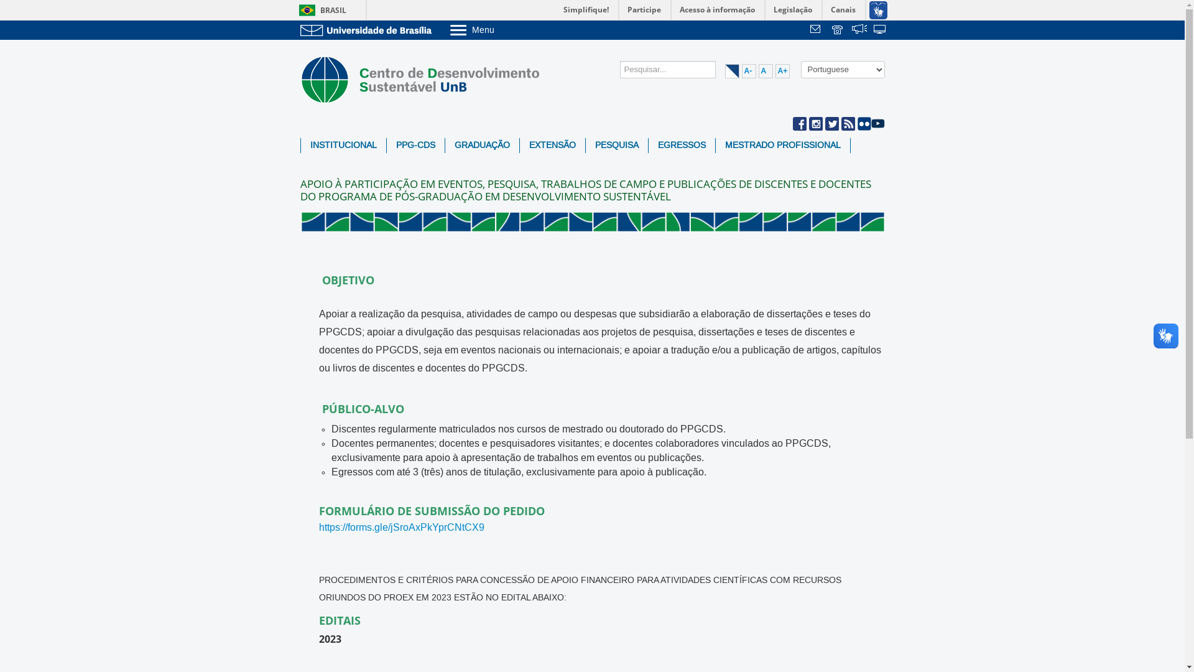  What do you see at coordinates (367, 29) in the screenshot?
I see `'Ir para o Portal da UnB'` at bounding box center [367, 29].